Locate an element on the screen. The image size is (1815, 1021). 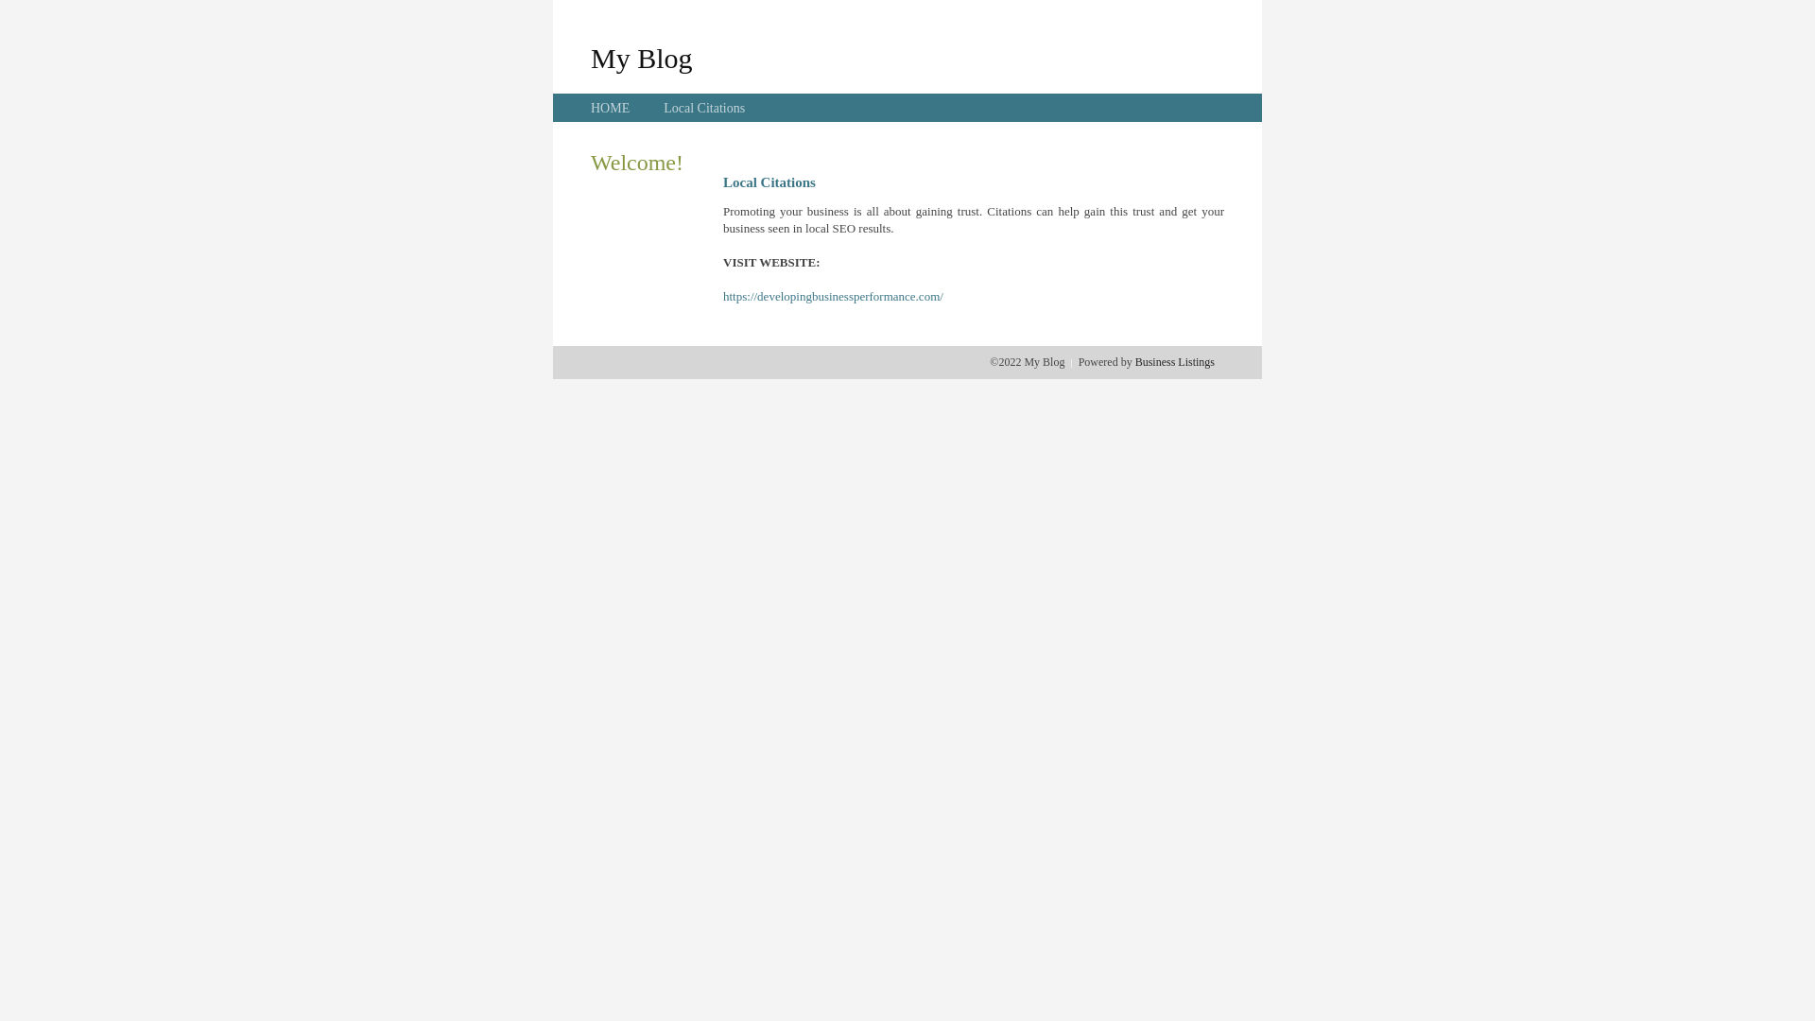
'https://developingbusinessperformance.com/' is located at coordinates (832, 296).